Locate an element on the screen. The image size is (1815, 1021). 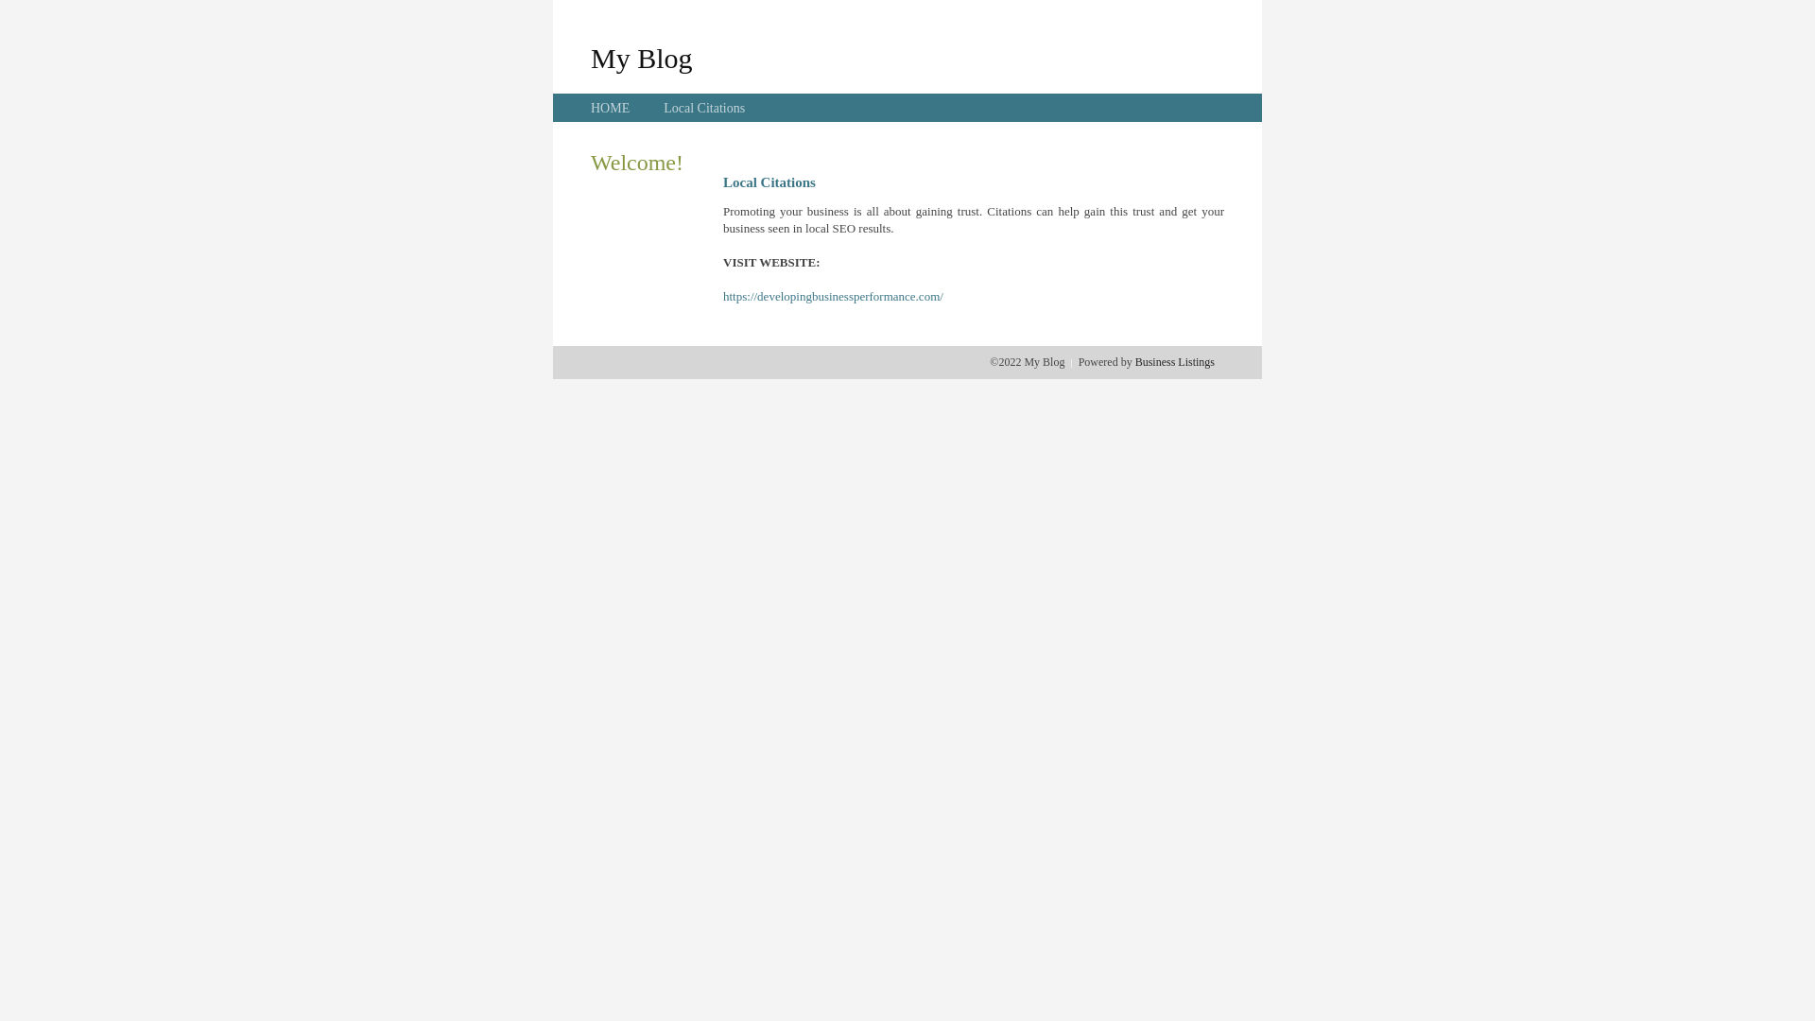
'https://developingbusinessperformance.com/' is located at coordinates (832, 296).